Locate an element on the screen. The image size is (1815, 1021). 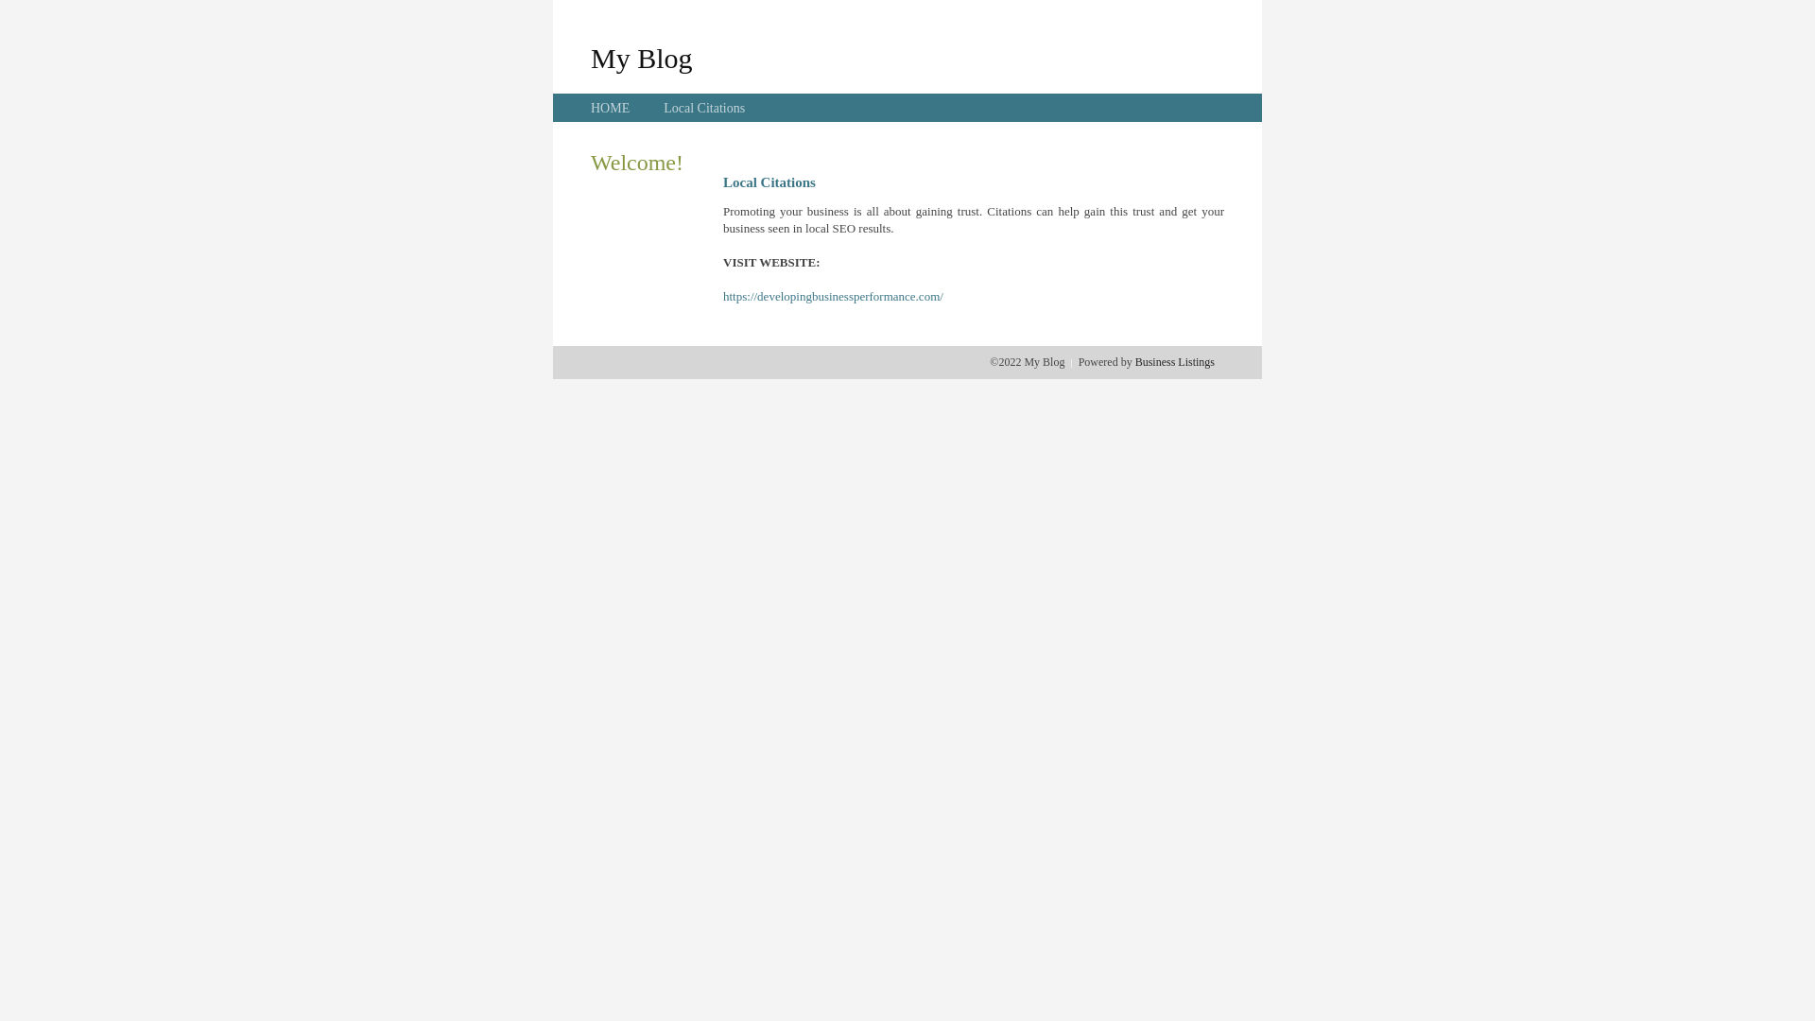
'https://developingbusinessperformance.com/' is located at coordinates (832, 296).